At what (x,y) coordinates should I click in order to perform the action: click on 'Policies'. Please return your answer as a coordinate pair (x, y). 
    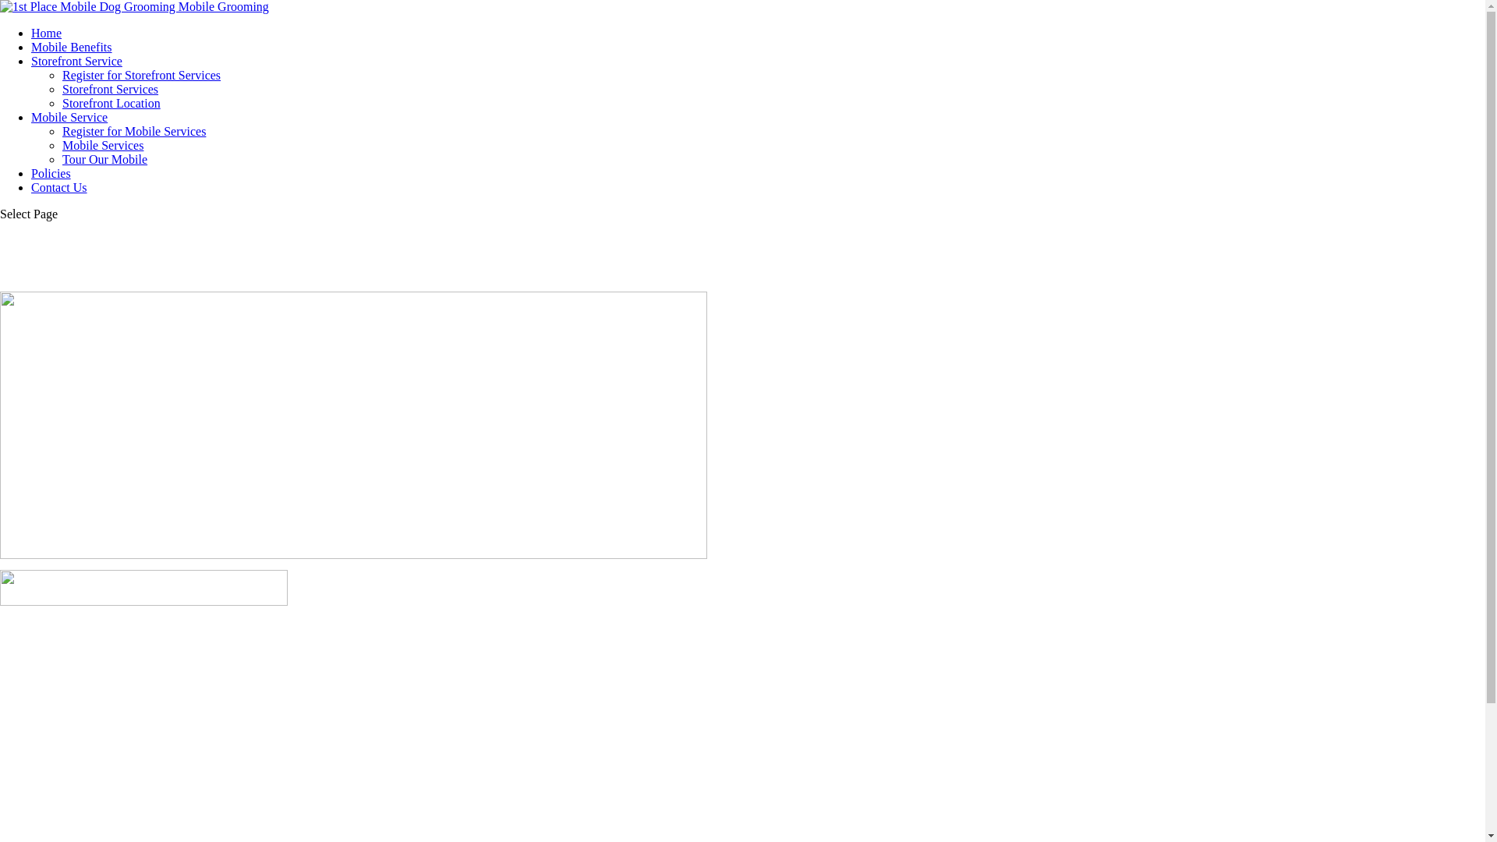
    Looking at the image, I should click on (51, 173).